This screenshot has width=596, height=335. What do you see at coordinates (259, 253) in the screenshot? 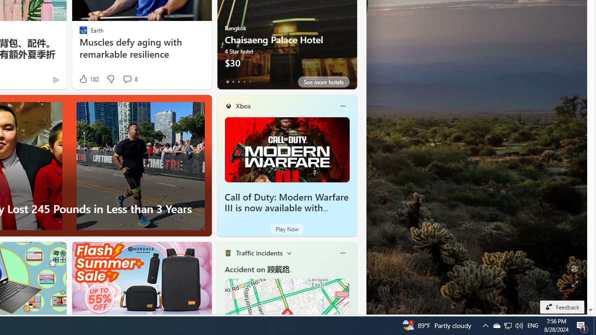
I see `'Traffic incidents'` at bounding box center [259, 253].